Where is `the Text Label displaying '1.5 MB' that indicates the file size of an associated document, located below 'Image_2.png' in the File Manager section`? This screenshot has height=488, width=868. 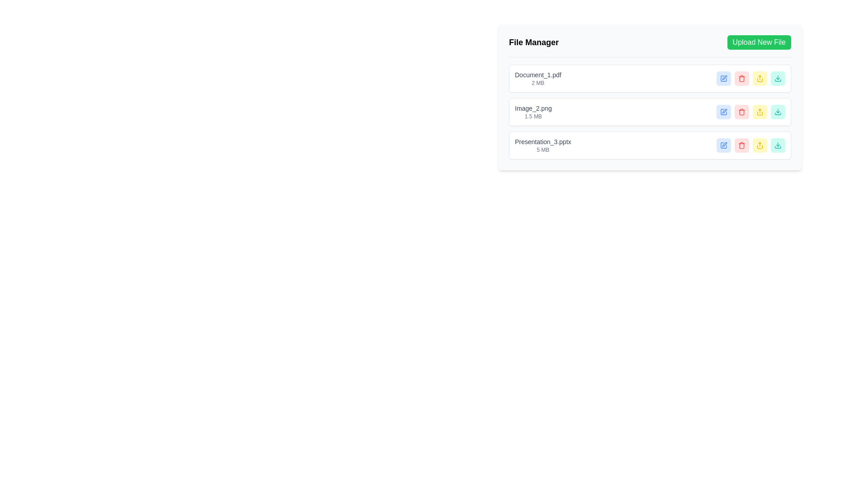 the Text Label displaying '1.5 MB' that indicates the file size of an associated document, located below 'Image_2.png' in the File Manager section is located at coordinates (533, 116).